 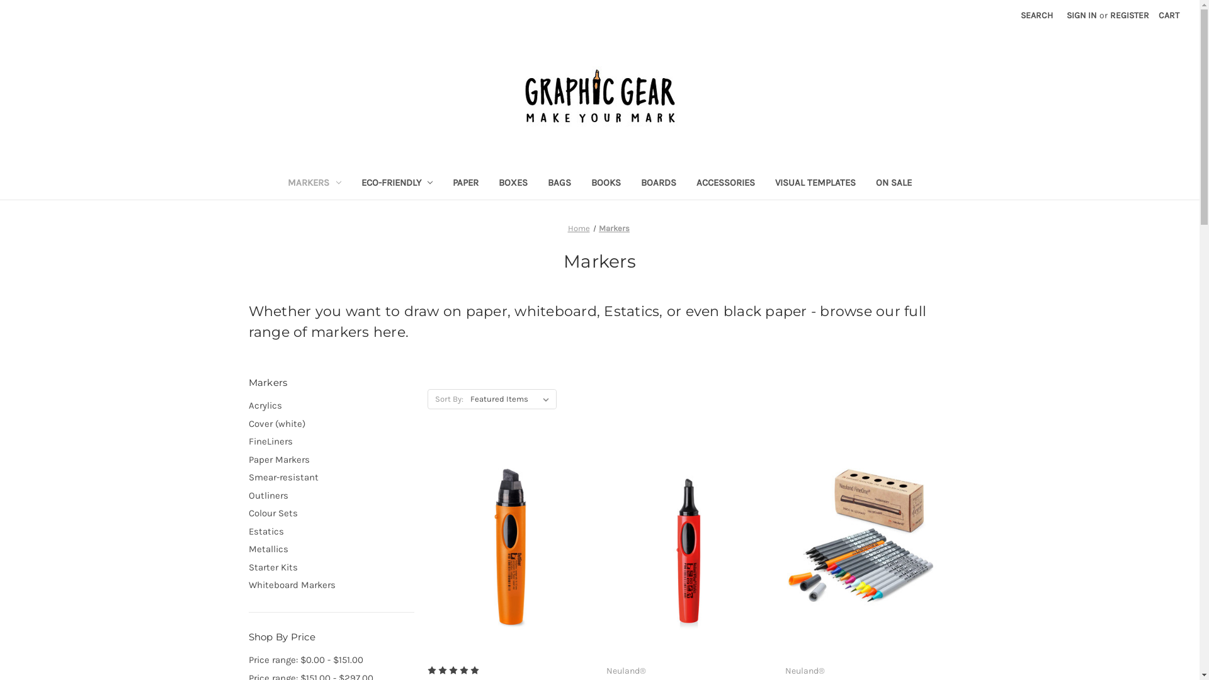 What do you see at coordinates (658, 184) in the screenshot?
I see `'BOARDS'` at bounding box center [658, 184].